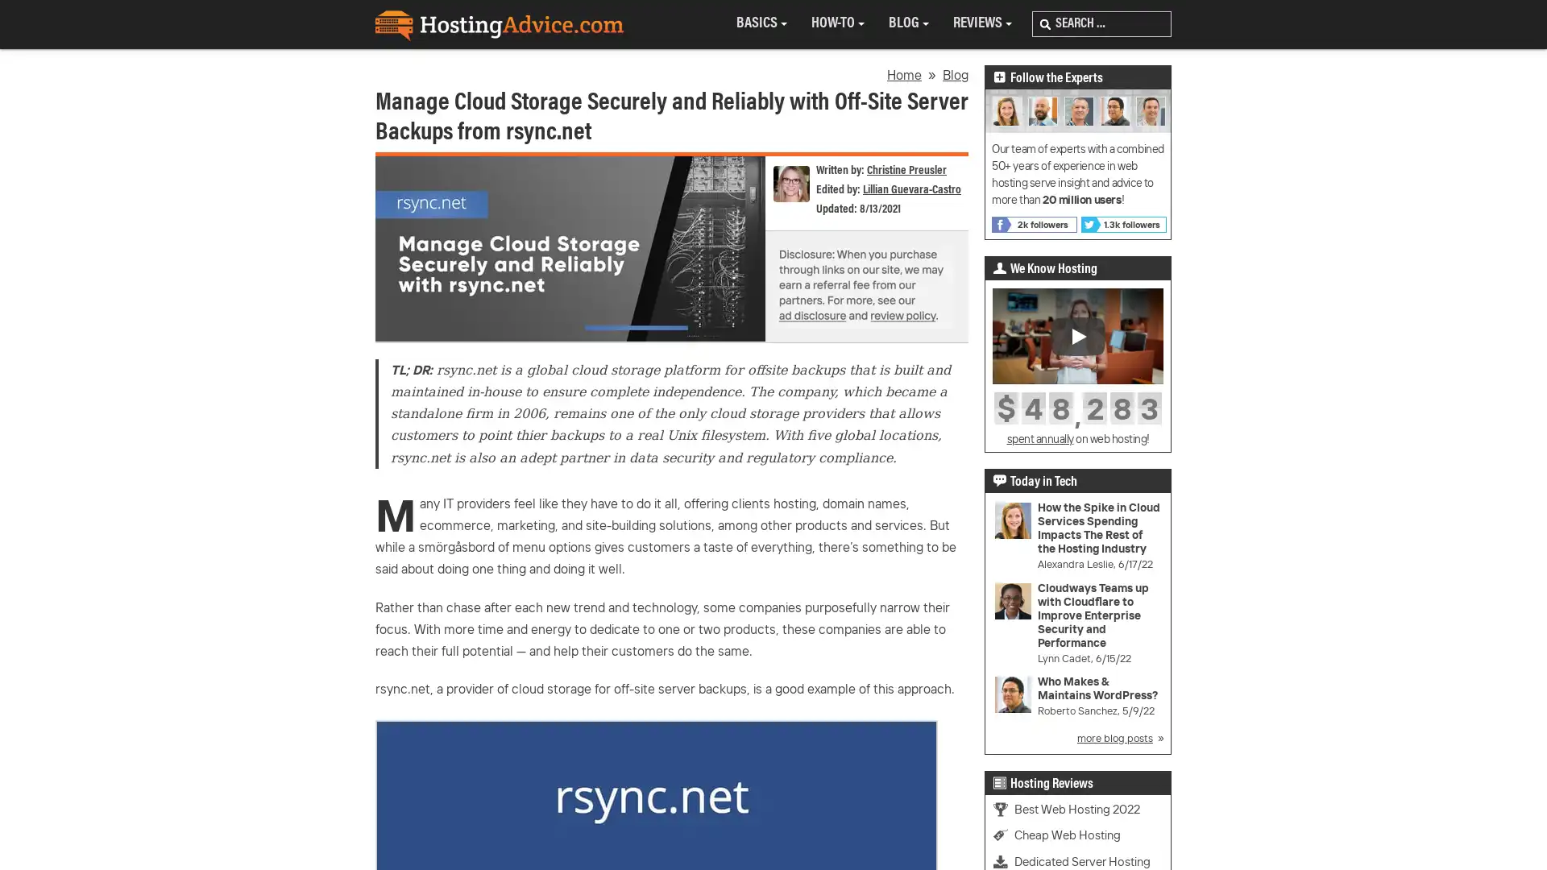  What do you see at coordinates (1045, 24) in the screenshot?
I see `Search` at bounding box center [1045, 24].